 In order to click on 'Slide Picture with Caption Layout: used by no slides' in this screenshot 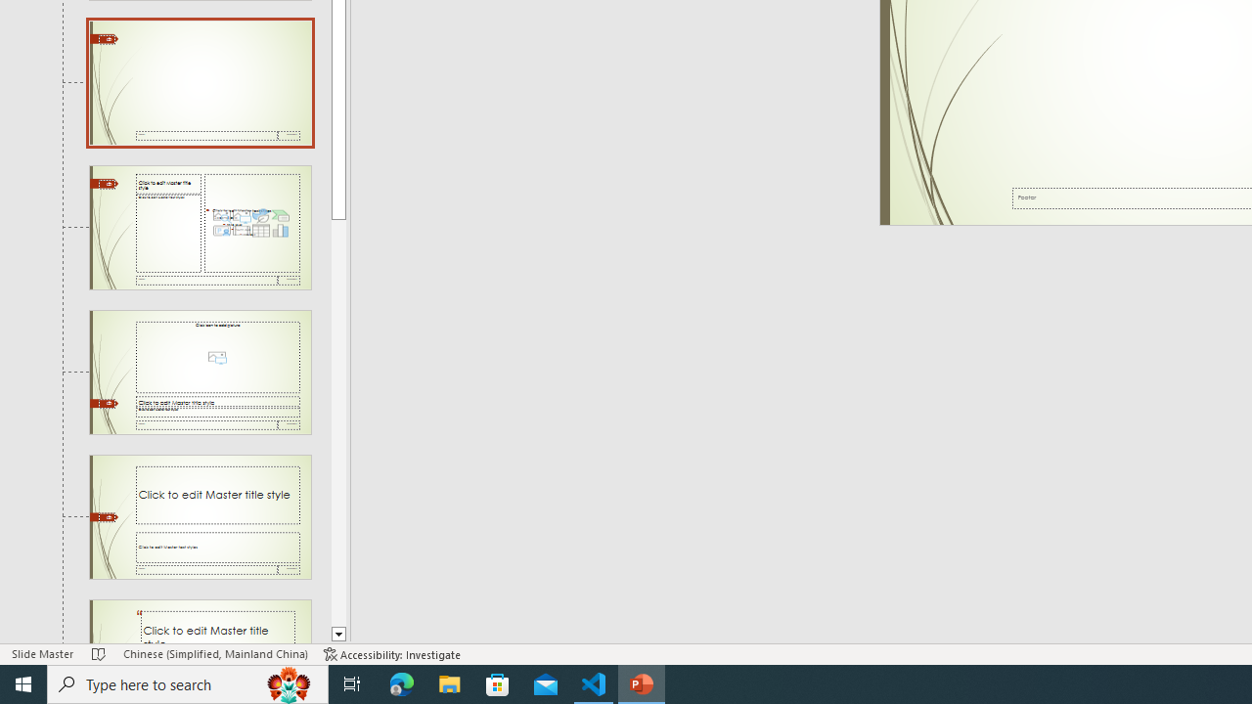, I will do `click(200, 373)`.